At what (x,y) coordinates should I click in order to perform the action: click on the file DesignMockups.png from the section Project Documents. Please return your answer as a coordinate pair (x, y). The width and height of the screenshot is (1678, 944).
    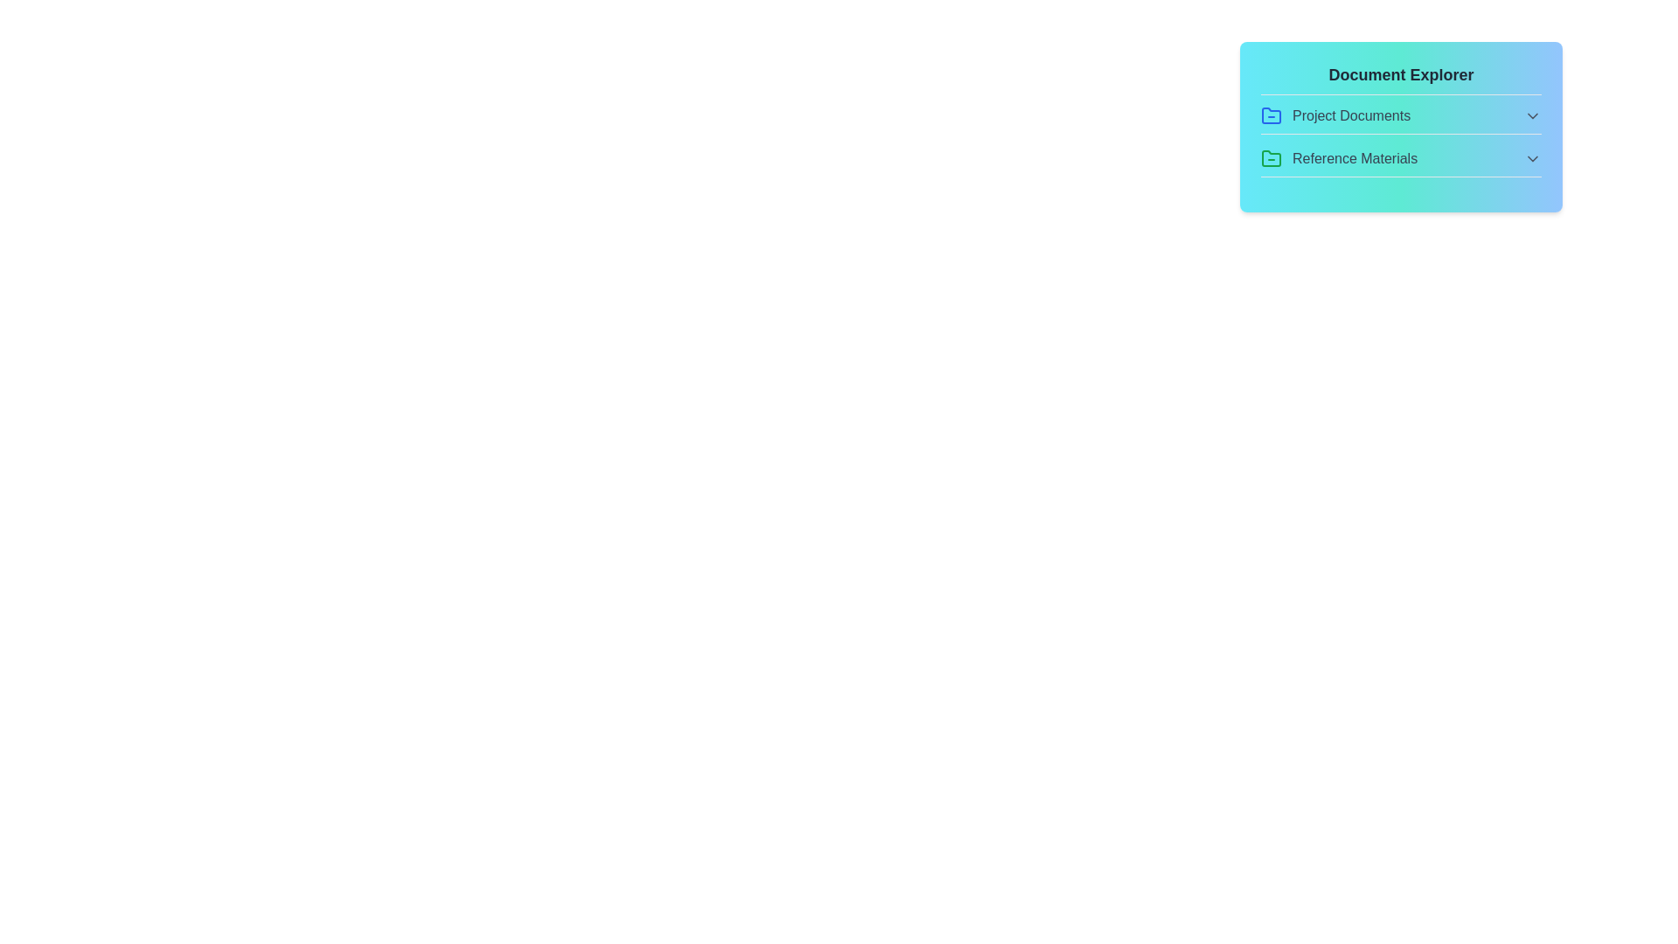
    Looking at the image, I should click on (1401, 119).